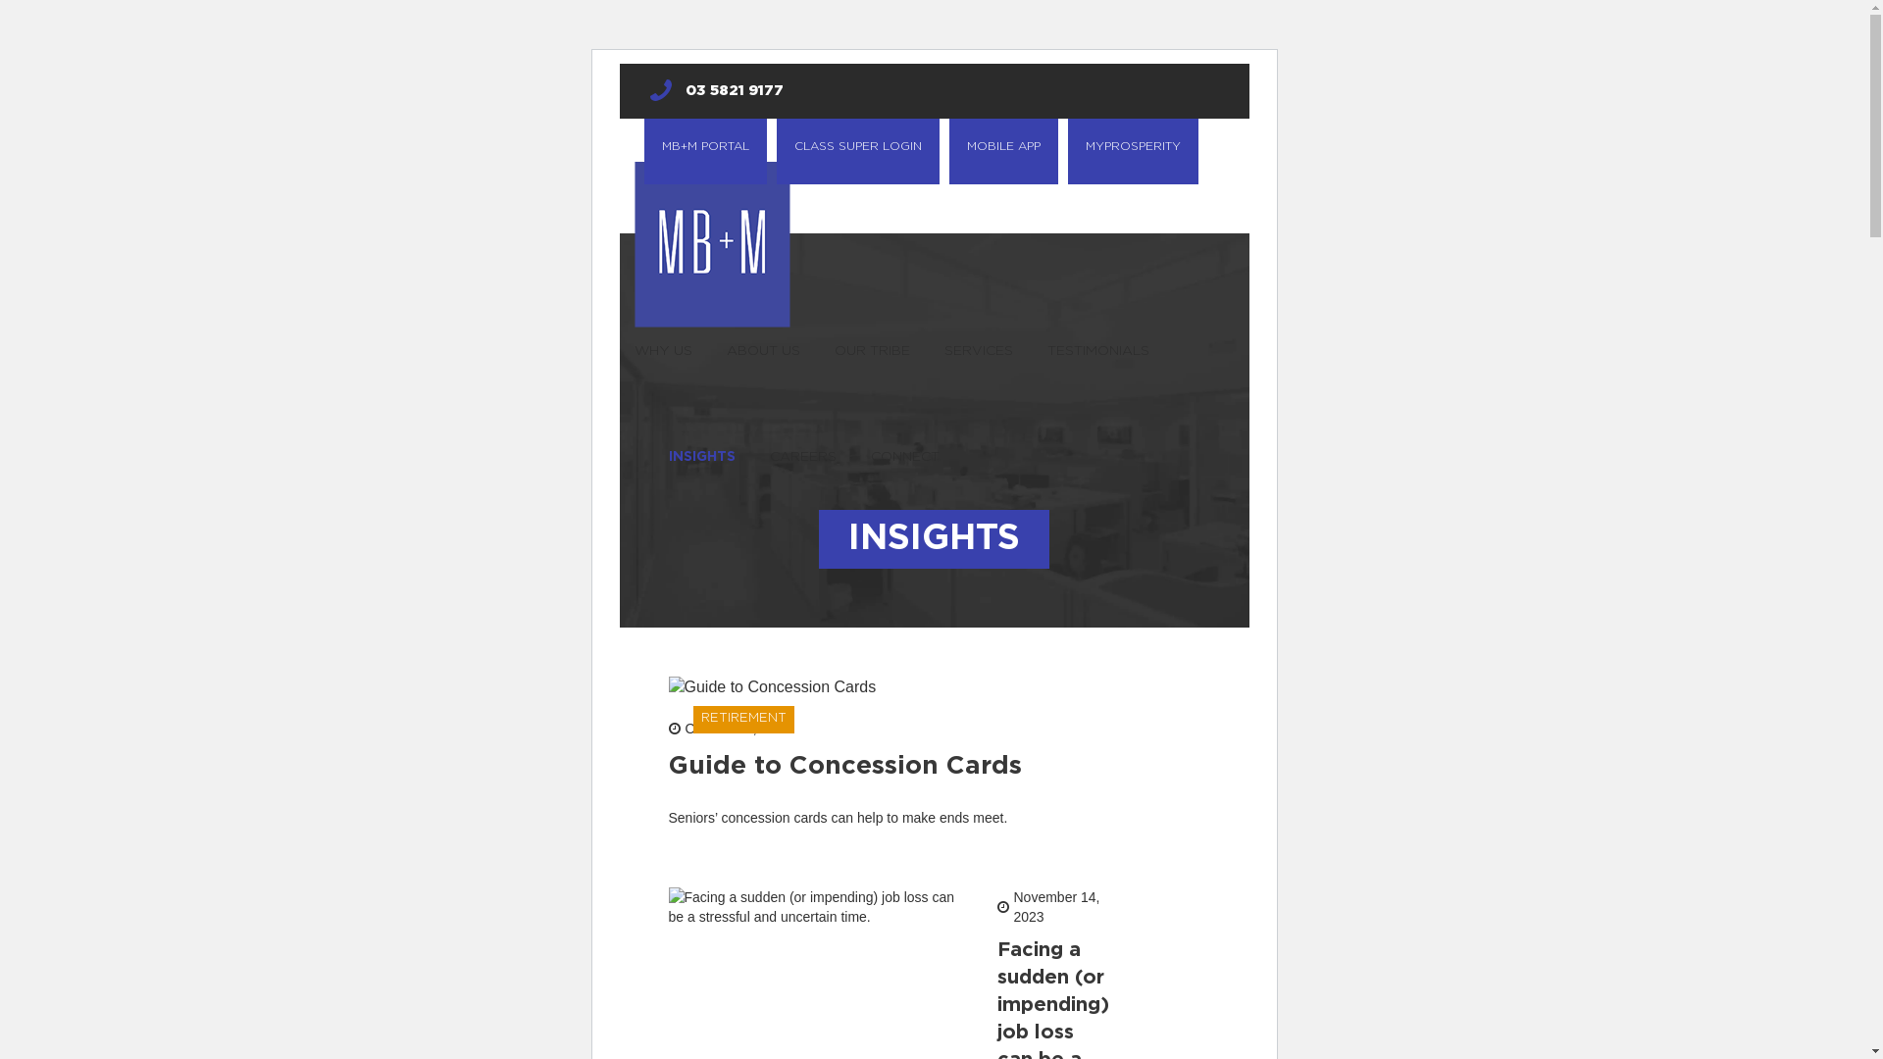 This screenshot has width=1883, height=1059. What do you see at coordinates (704, 150) in the screenshot?
I see `'MB+M PORTAL'` at bounding box center [704, 150].